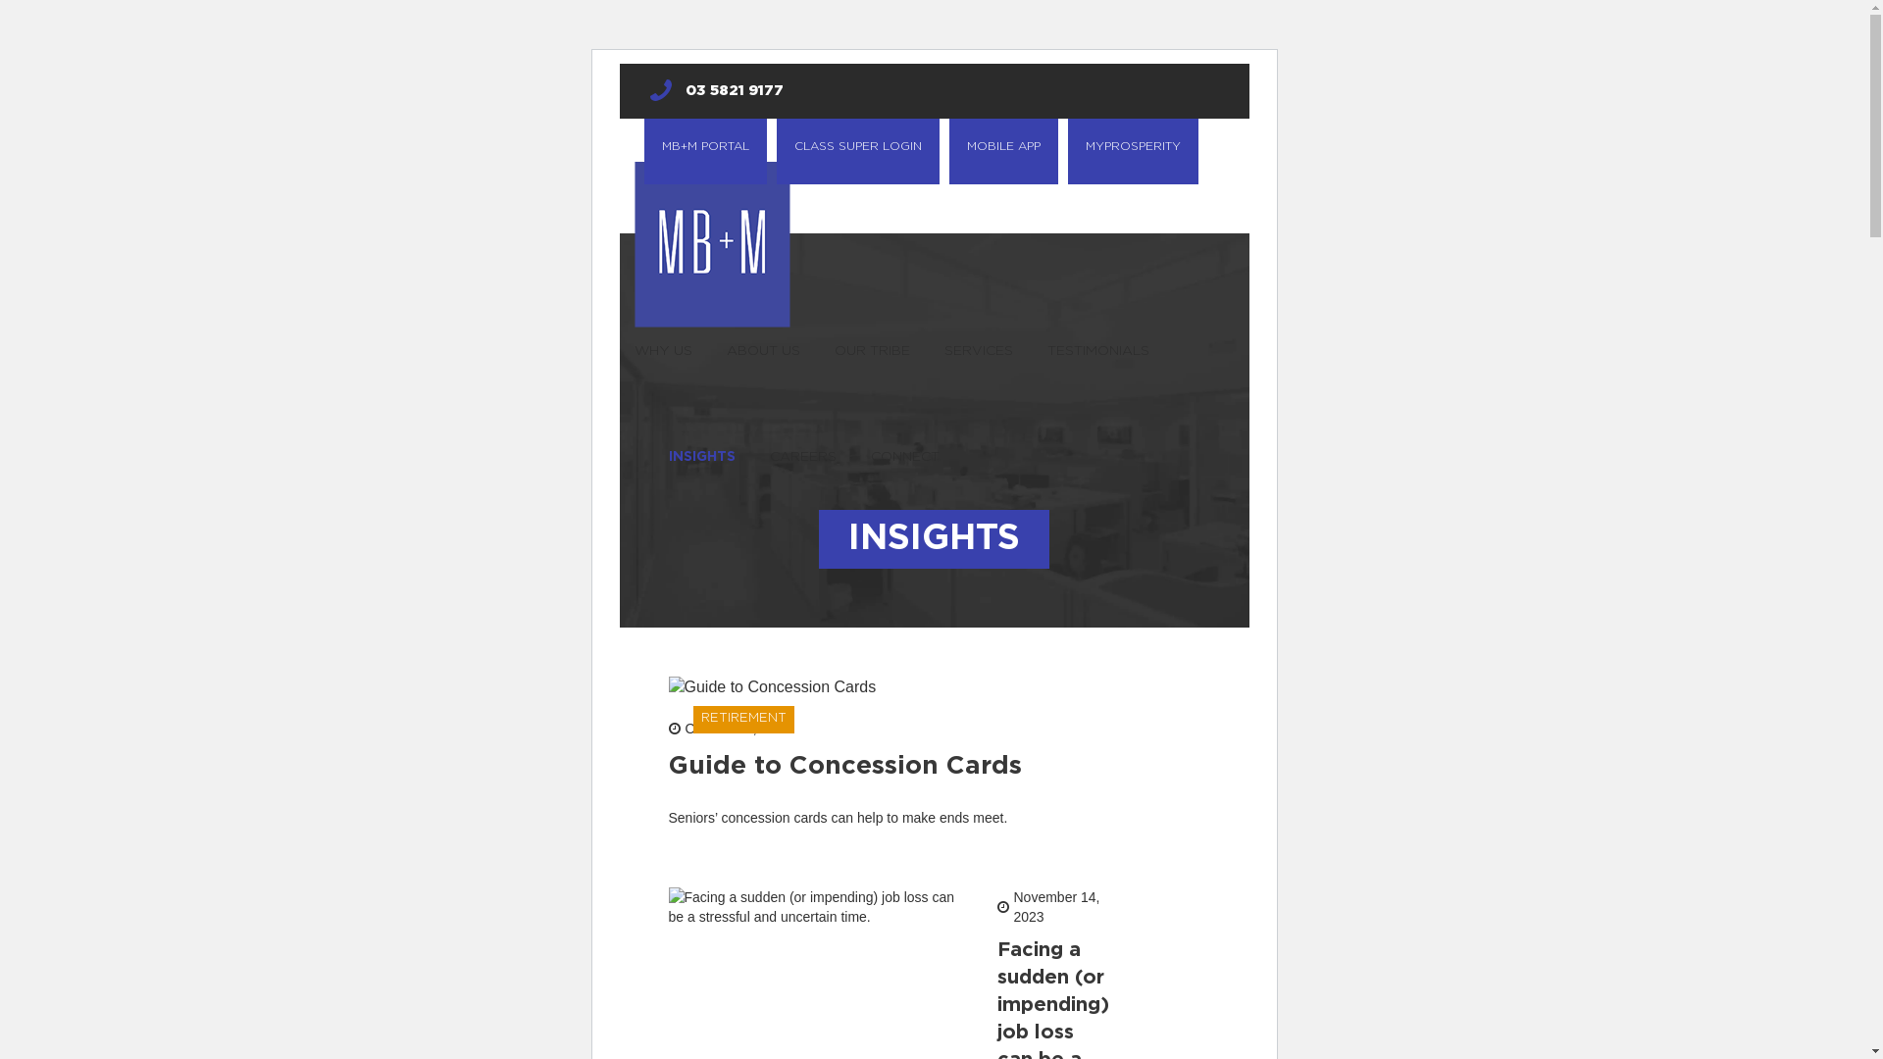 This screenshot has width=1883, height=1059. What do you see at coordinates (704, 150) in the screenshot?
I see `'MB+M PORTAL'` at bounding box center [704, 150].